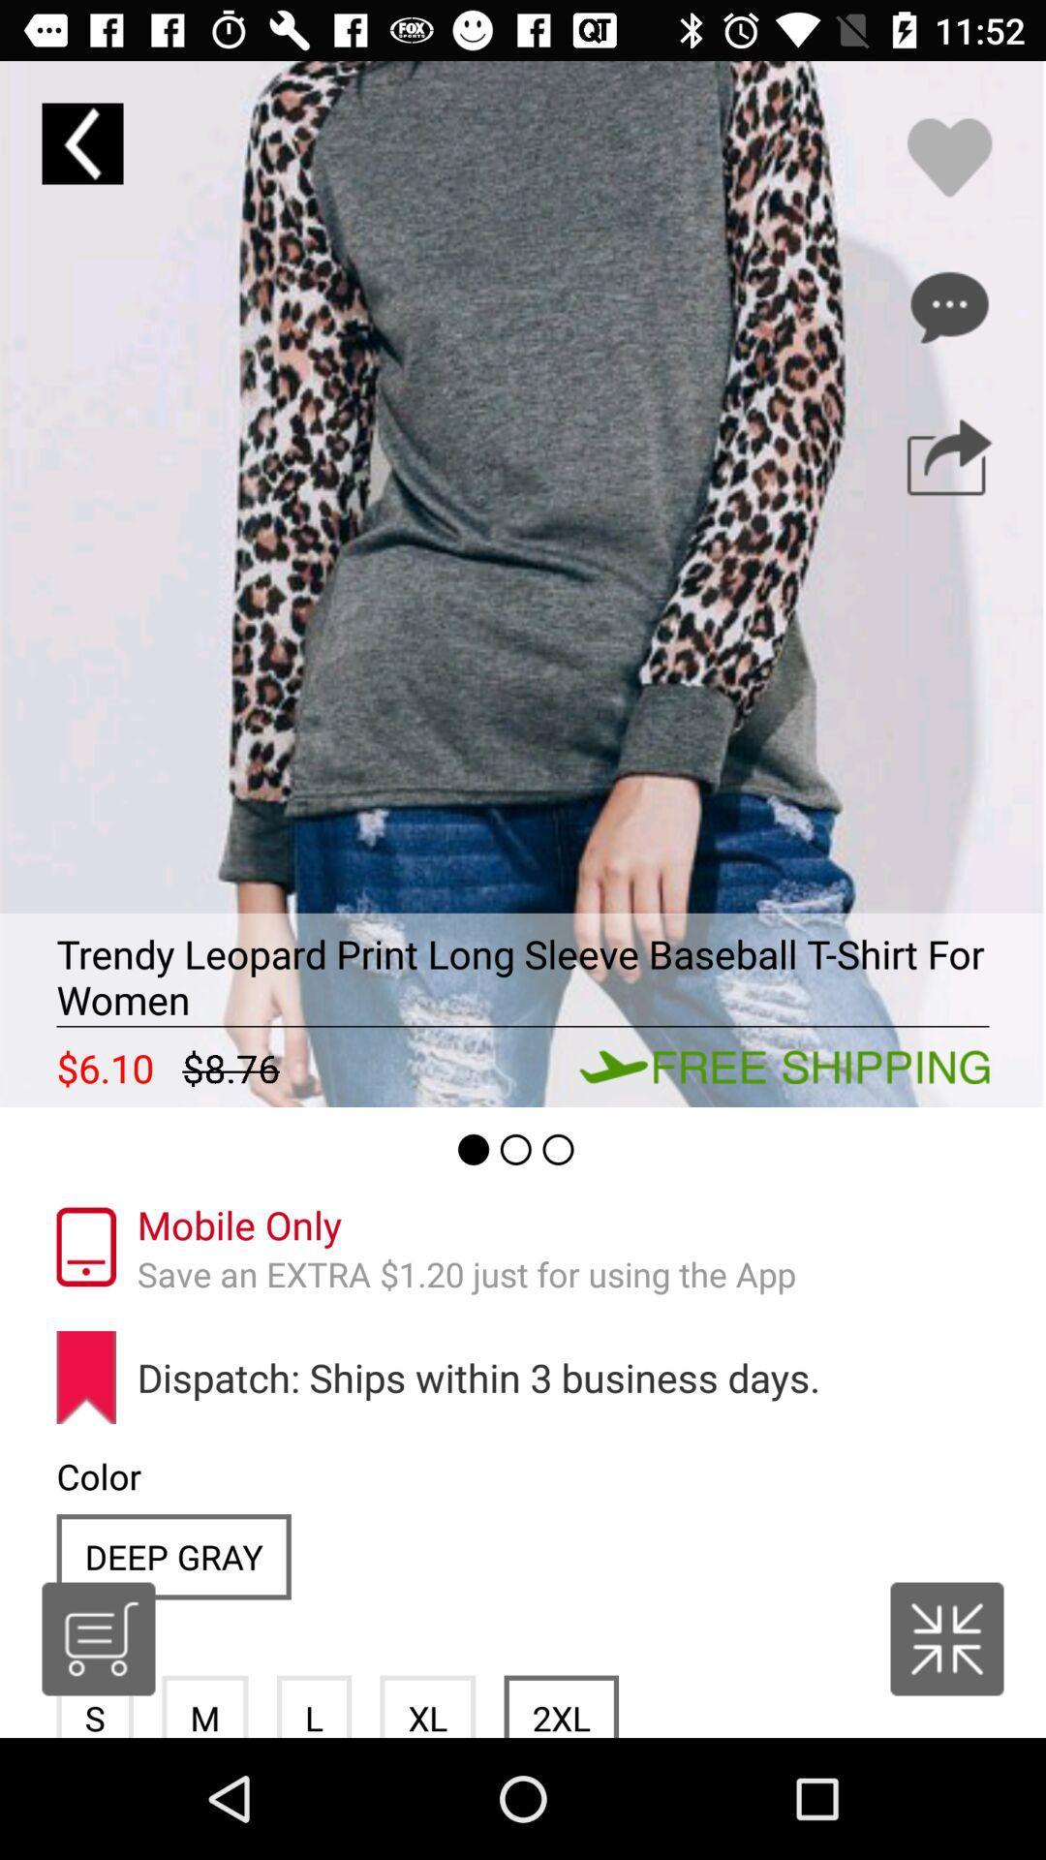  Describe the element at coordinates (523, 583) in the screenshot. I see `click on the photo` at that location.